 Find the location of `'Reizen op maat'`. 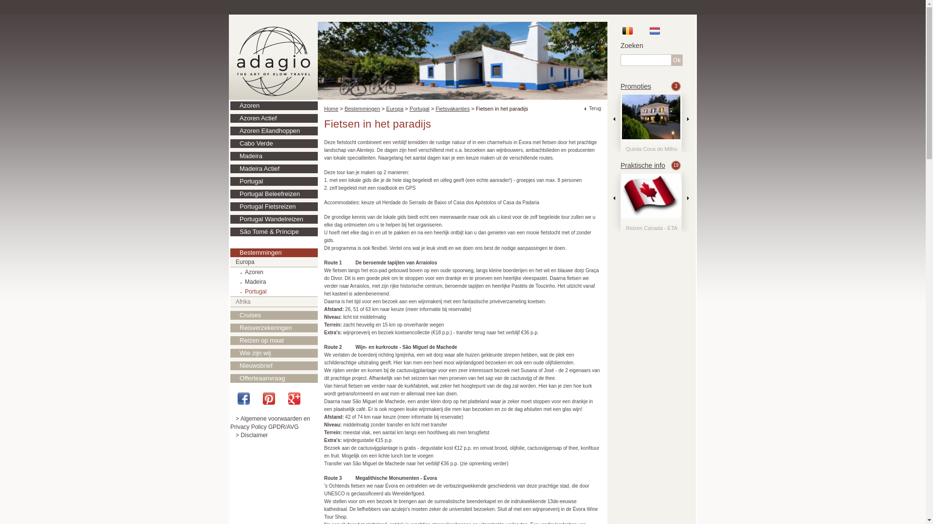

'Reizen op maat' is located at coordinates (274, 340).